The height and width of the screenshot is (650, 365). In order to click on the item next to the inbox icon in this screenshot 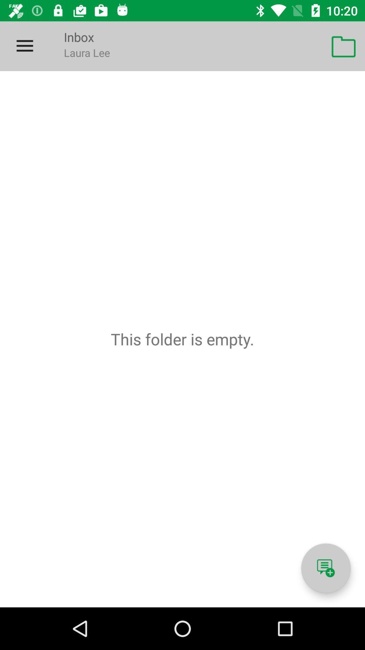, I will do `click(24, 46)`.